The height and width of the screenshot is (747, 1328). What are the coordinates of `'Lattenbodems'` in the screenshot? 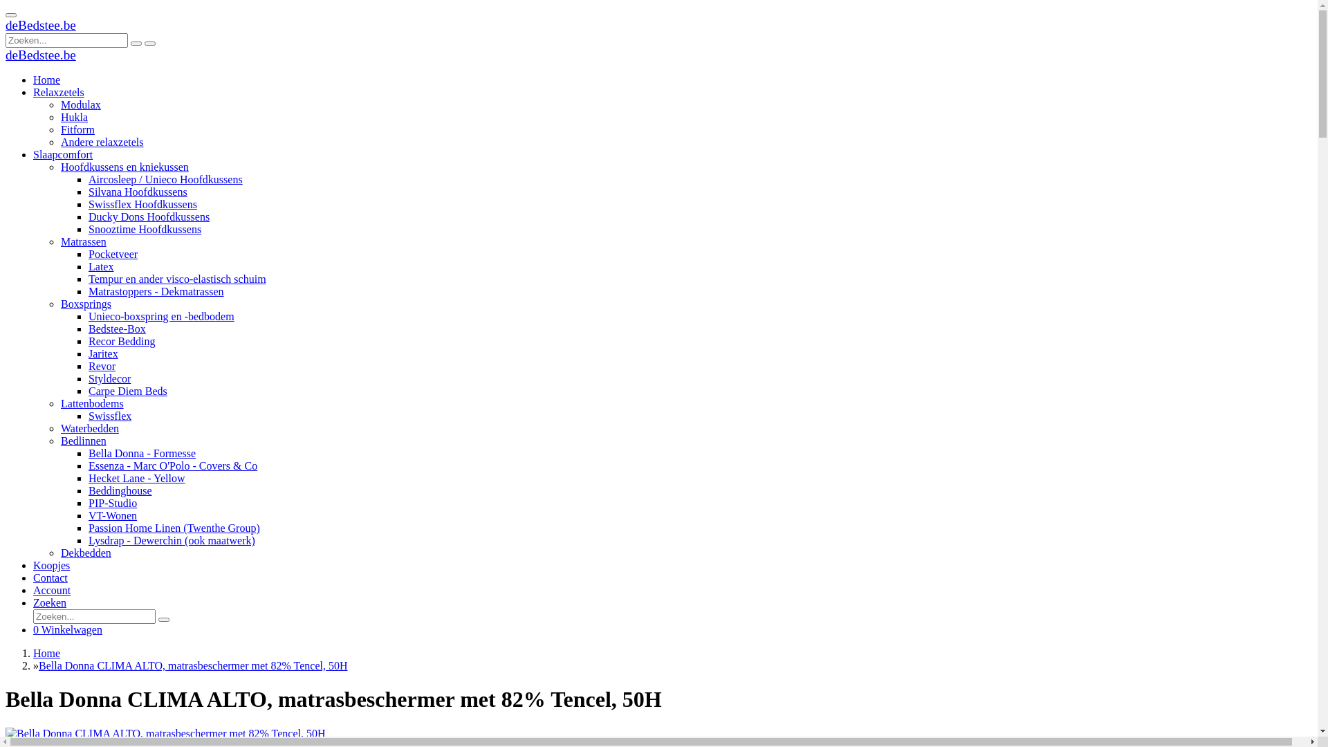 It's located at (91, 403).